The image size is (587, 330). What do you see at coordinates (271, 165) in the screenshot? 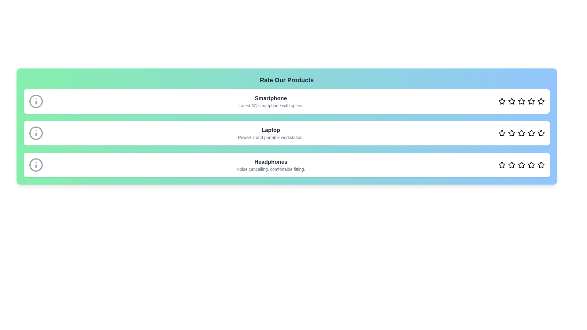
I see `the Text block that displays the title and description for the product 'Headphones', which is the third item in a vertically stacked list, located below 'Laptop' and above the product rating stars` at bounding box center [271, 165].